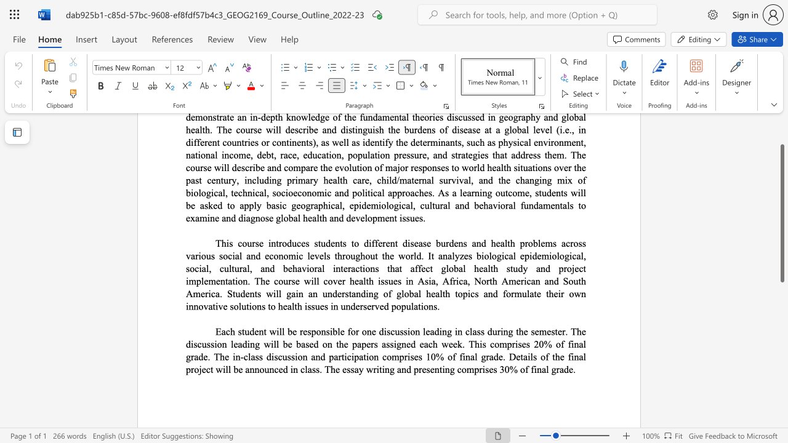  What do you see at coordinates (781, 213) in the screenshot?
I see `the scrollbar and move down 270 pixels` at bounding box center [781, 213].